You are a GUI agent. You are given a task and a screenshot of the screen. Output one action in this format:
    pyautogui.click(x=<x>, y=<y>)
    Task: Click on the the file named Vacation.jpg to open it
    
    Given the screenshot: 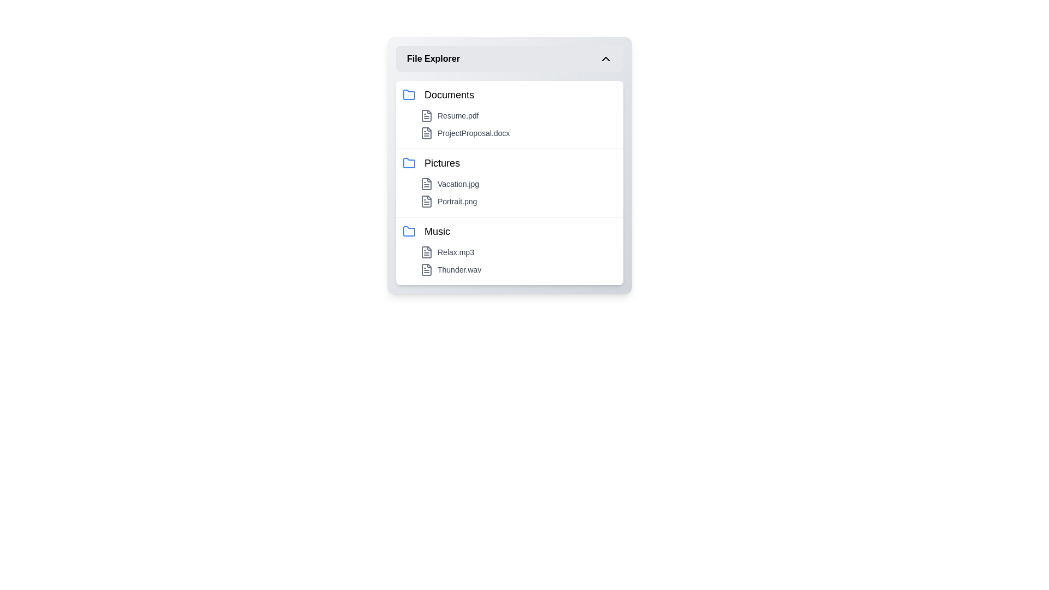 What is the action you would take?
    pyautogui.click(x=518, y=183)
    